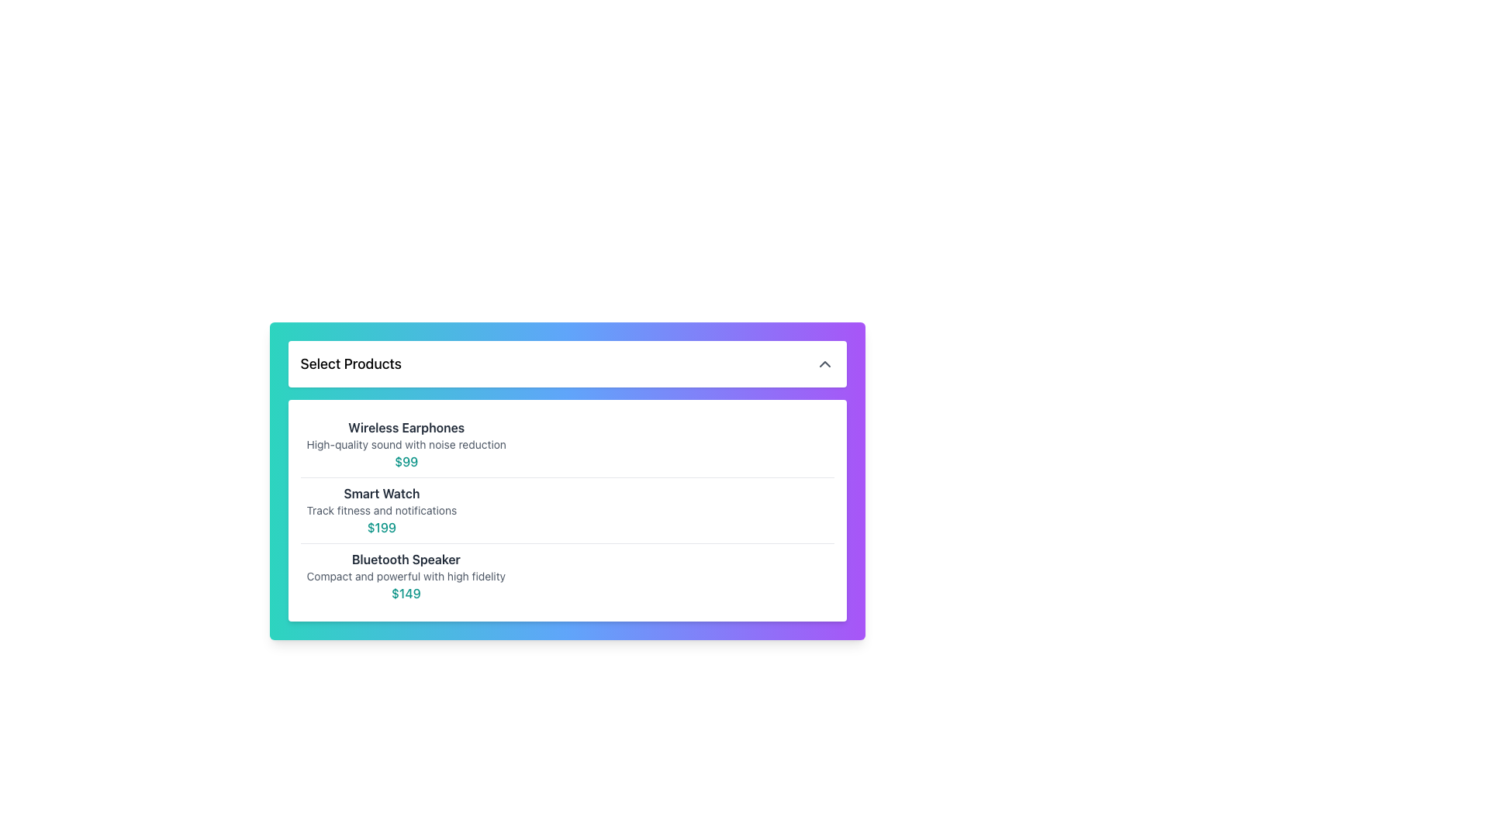 The width and height of the screenshot is (1489, 837). What do you see at coordinates (406, 445) in the screenshot?
I see `the informational text label that describes the product 'Wireless Earphones', which is located above the price '$99'` at bounding box center [406, 445].